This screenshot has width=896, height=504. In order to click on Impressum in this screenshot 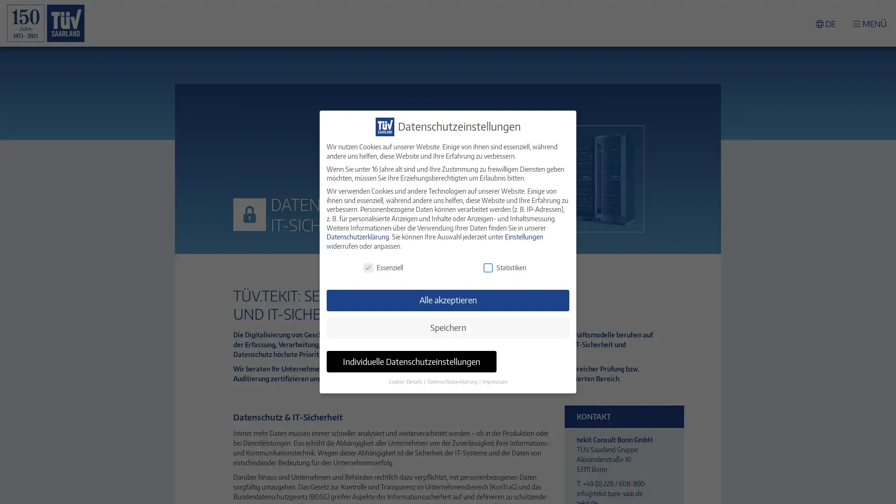, I will do `click(494, 381)`.